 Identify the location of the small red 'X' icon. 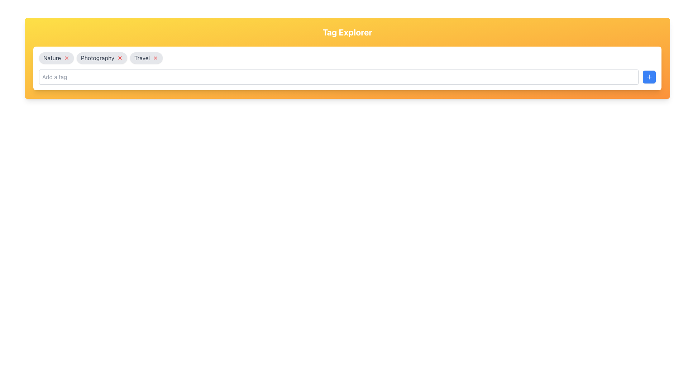
(155, 58).